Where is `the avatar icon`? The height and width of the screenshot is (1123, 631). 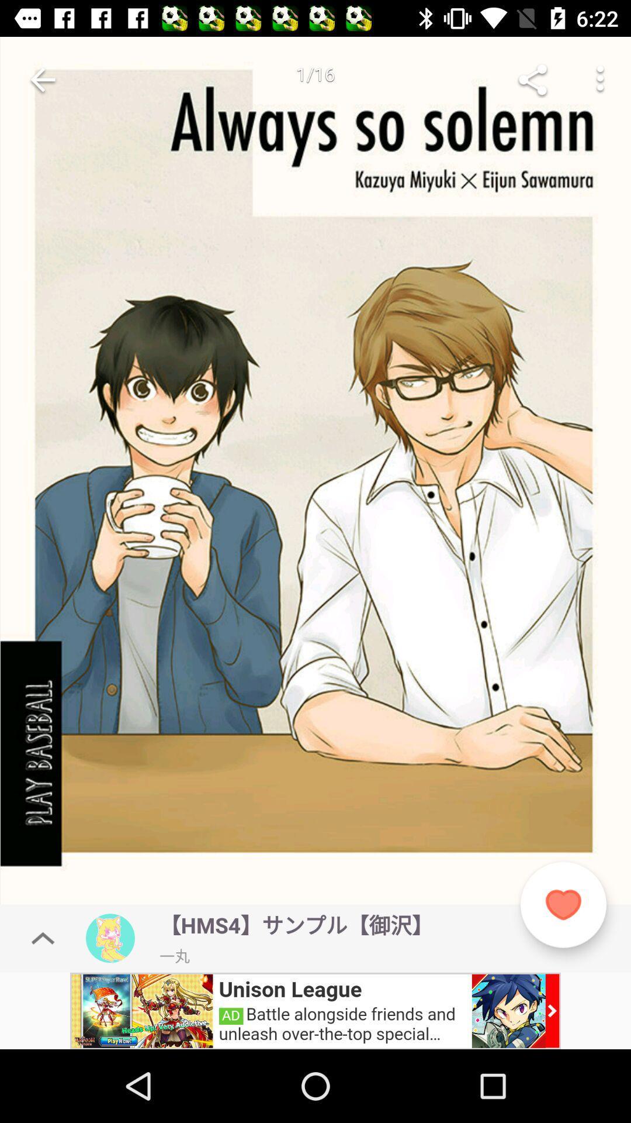 the avatar icon is located at coordinates (110, 938).